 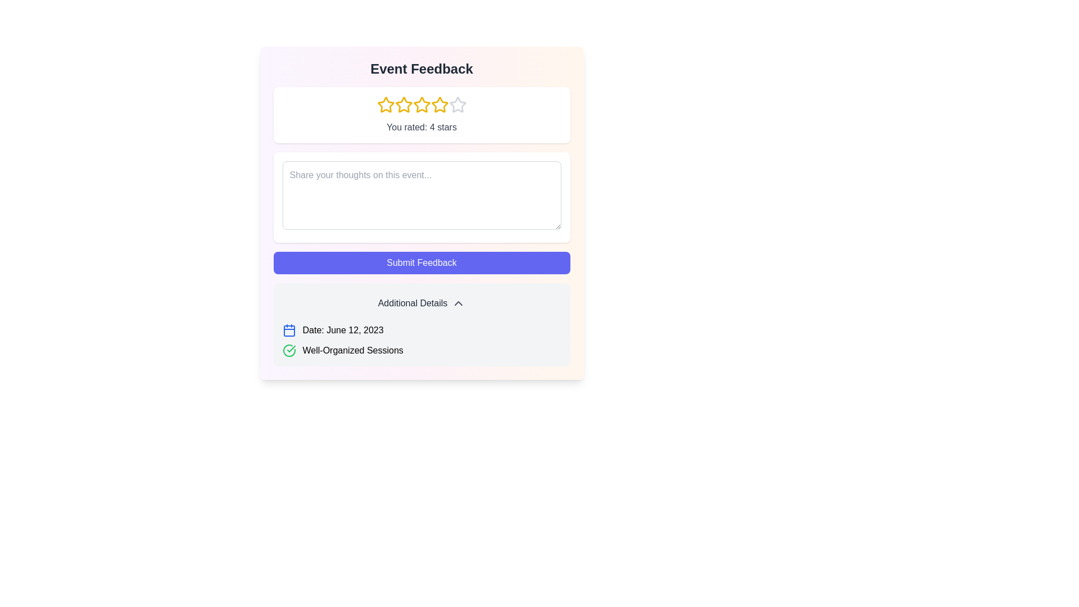 I want to click on the active rating star element, which consists of five stars with four filled yellow stars, so click(x=421, y=105).